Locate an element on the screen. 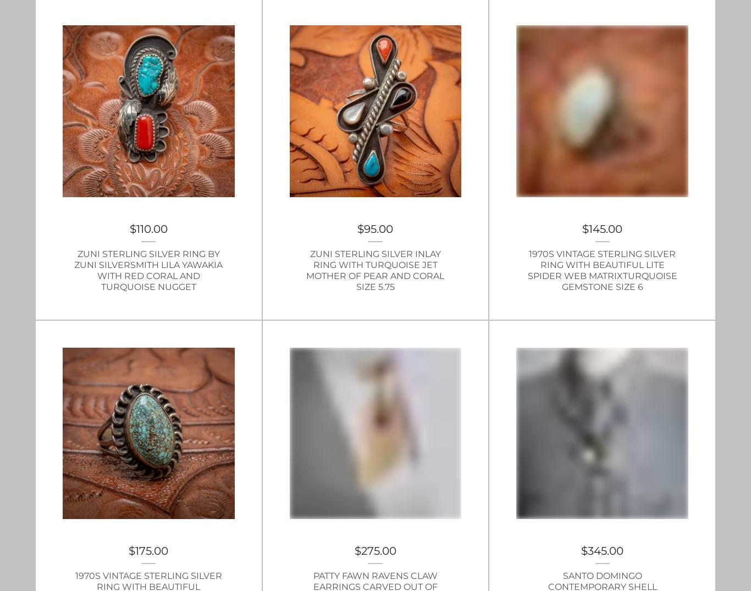 The image size is (751, 591). '275.00' is located at coordinates (378, 550).